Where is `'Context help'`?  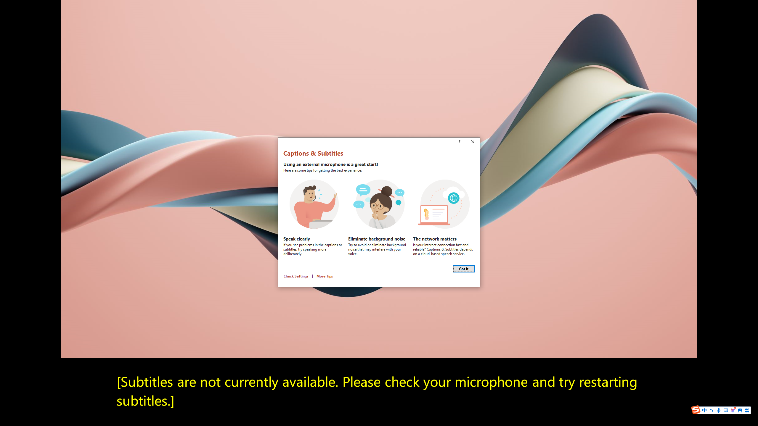 'Context help' is located at coordinates (459, 142).